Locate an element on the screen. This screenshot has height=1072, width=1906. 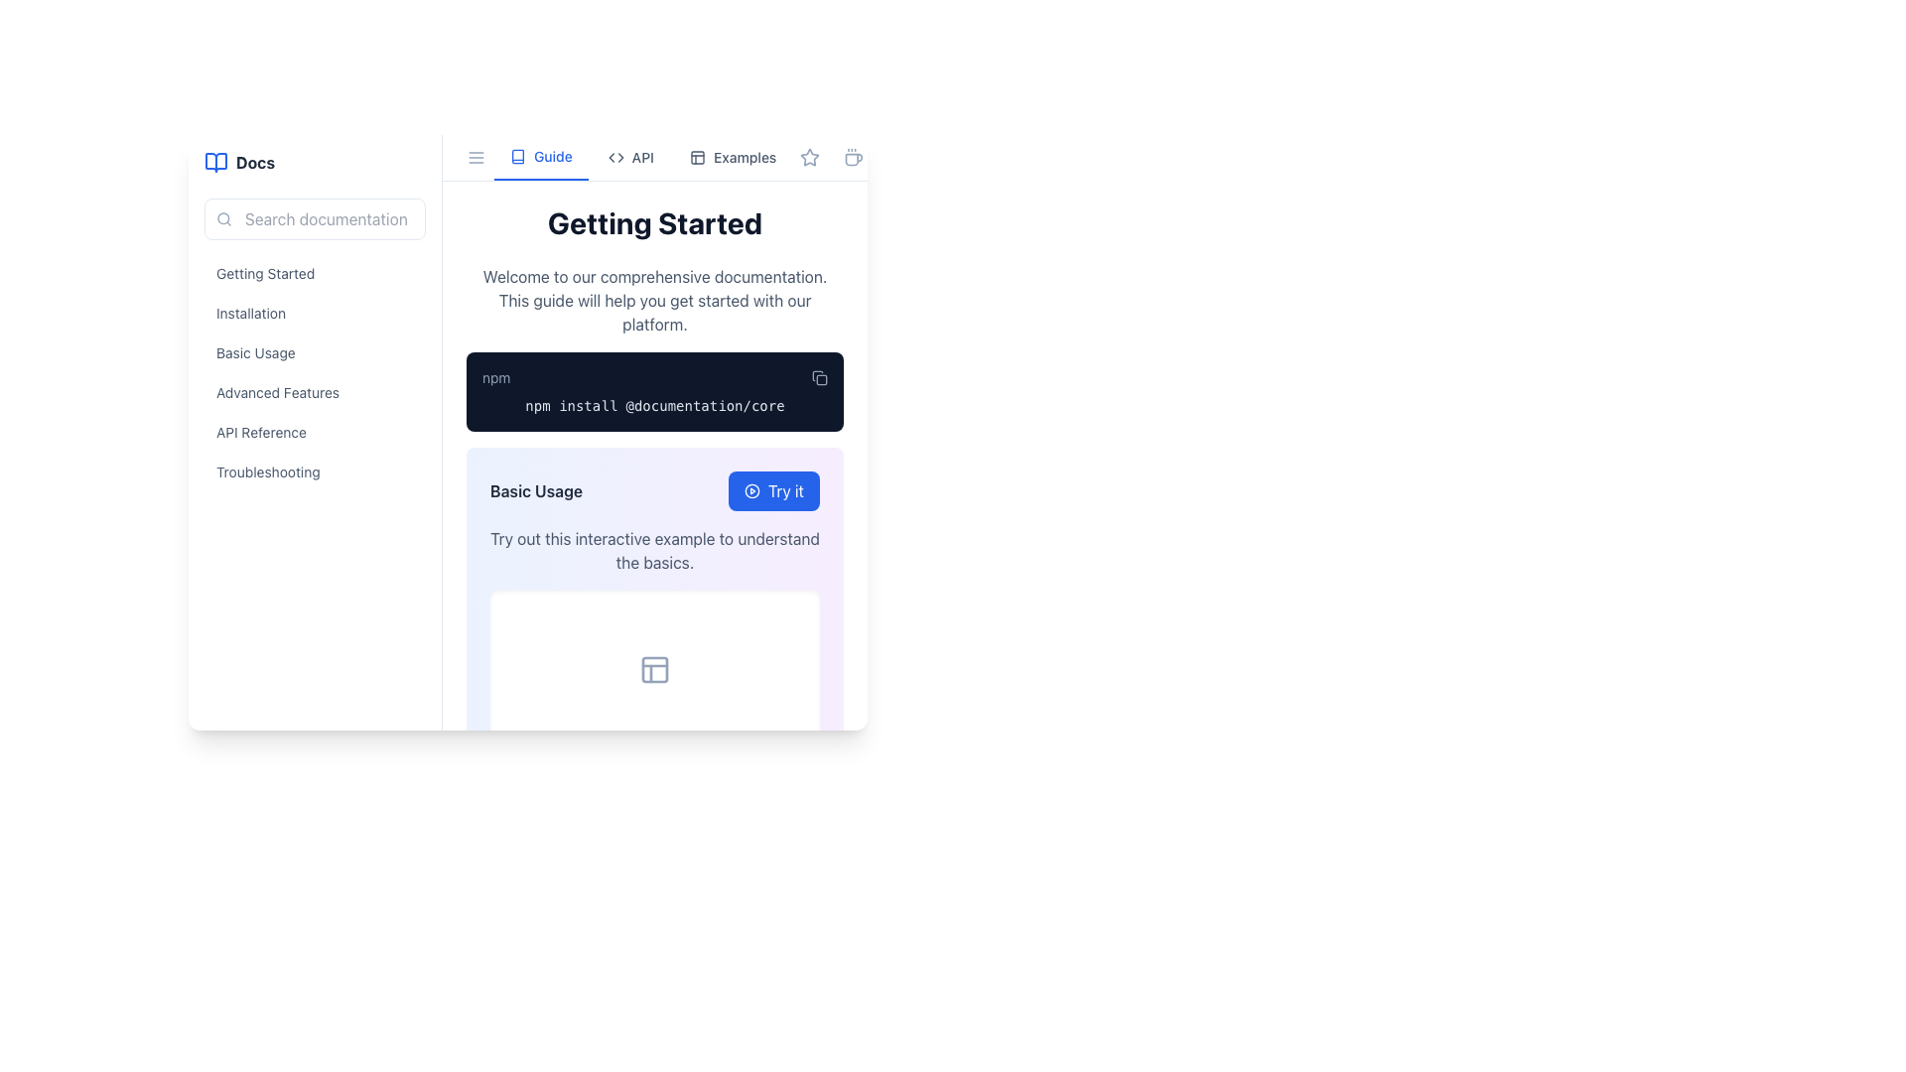
the Navigation Tab located in the top-left corner of the central interface section is located at coordinates (541, 156).